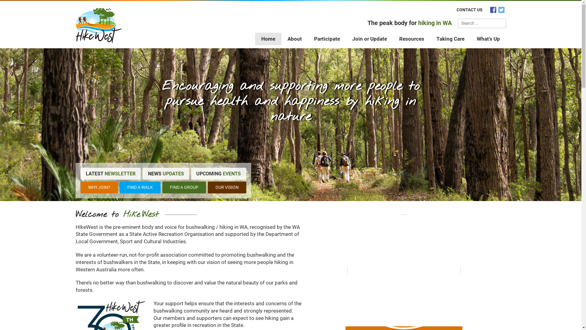  What do you see at coordinates (469, 9) in the screenshot?
I see `'CONTACT US'` at bounding box center [469, 9].